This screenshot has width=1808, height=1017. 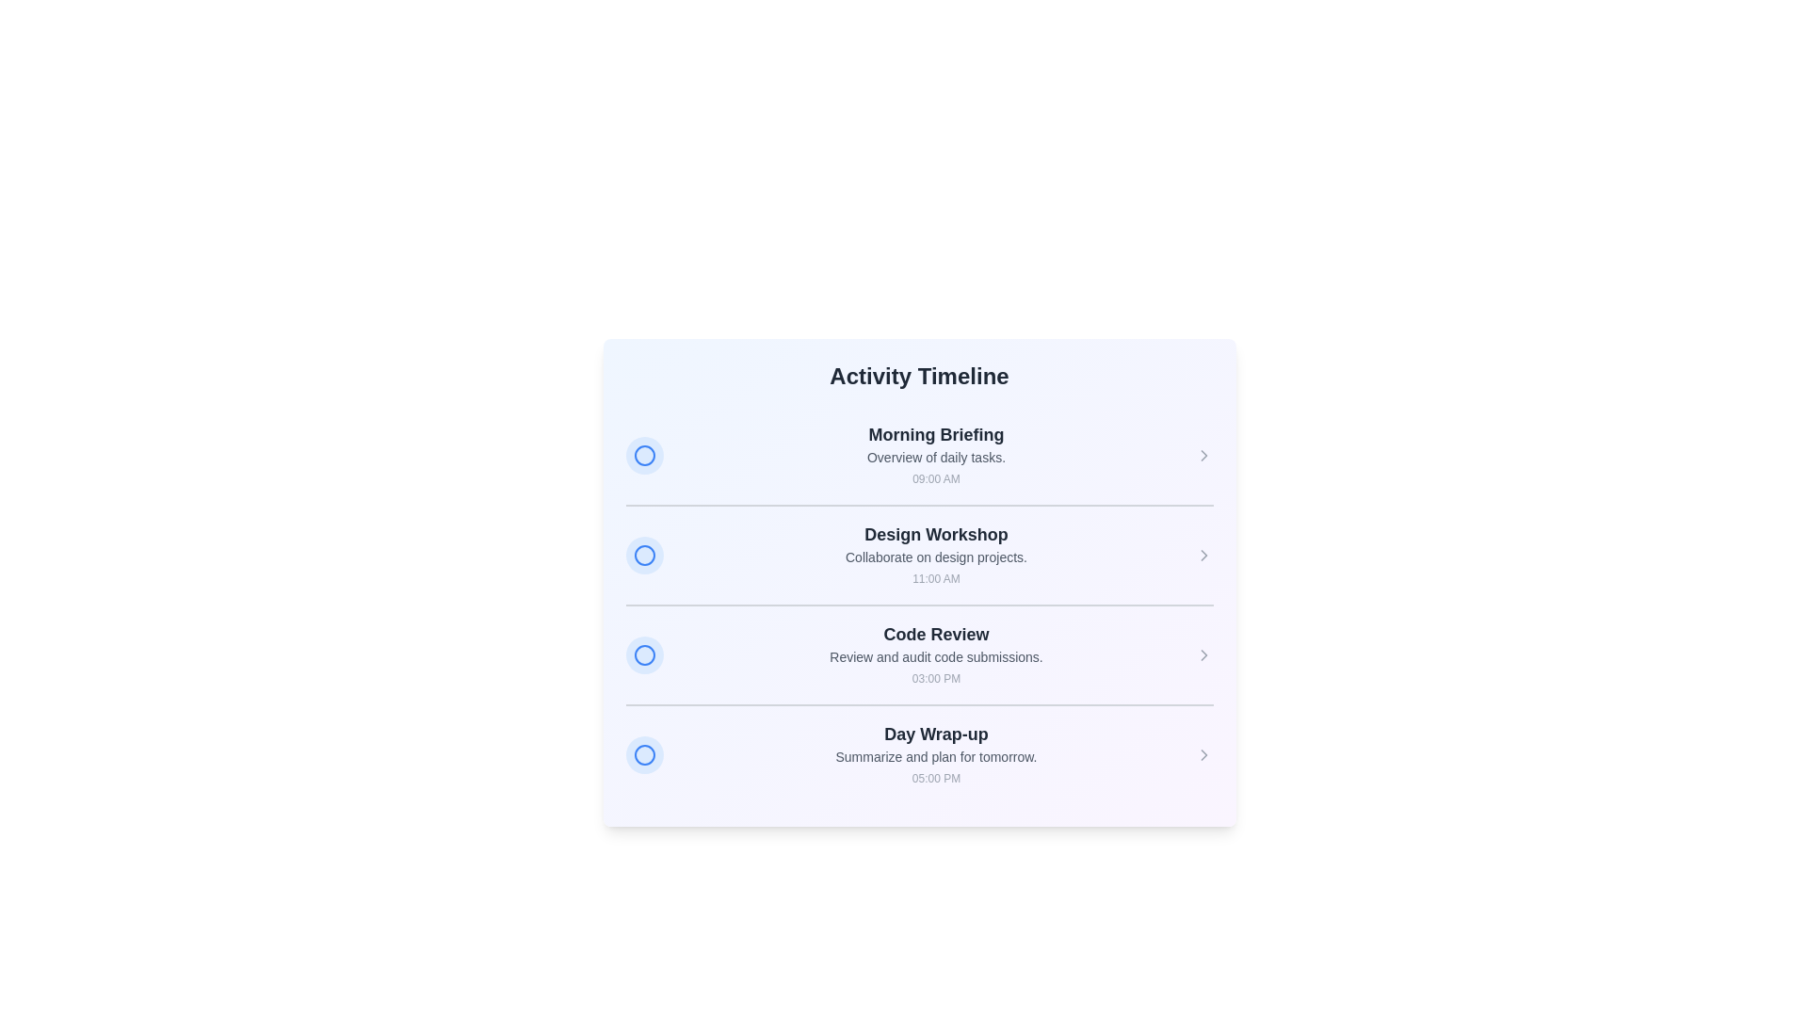 What do you see at coordinates (936, 556) in the screenshot?
I see `the static text element that reads 'Collaborate on design projects.' which is styled in a smaller, lighter gray font, positioned below the title of the 'Design Workshop' event` at bounding box center [936, 556].